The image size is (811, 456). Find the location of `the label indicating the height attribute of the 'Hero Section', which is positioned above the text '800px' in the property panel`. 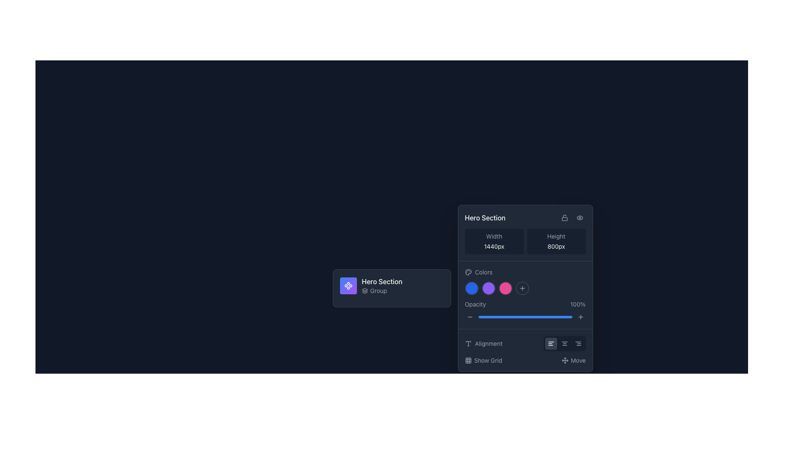

the label indicating the height attribute of the 'Hero Section', which is positioned above the text '800px' in the property panel is located at coordinates (556, 236).